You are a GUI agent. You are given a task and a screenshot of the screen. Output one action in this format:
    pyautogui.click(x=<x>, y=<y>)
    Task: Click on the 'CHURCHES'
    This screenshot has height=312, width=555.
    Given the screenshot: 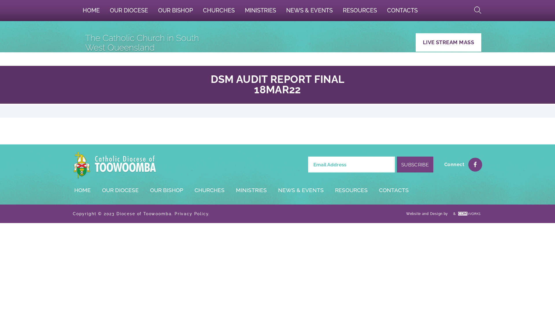 What is the action you would take?
    pyautogui.click(x=209, y=190)
    